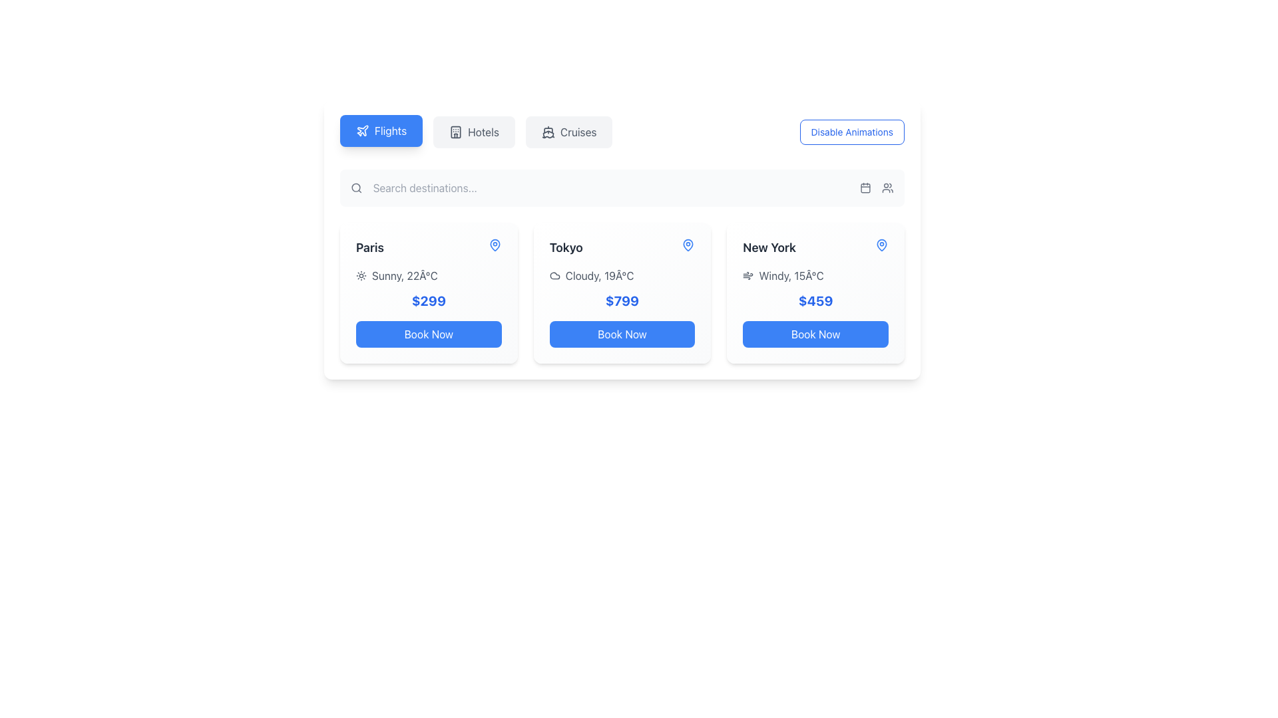 This screenshot has width=1278, height=718. Describe the element at coordinates (622, 275) in the screenshot. I see `the weather display component showing 'Cloudy, 19Â°C' with a cloud icon, located in the Tokyo section above the '$799' price text` at that location.